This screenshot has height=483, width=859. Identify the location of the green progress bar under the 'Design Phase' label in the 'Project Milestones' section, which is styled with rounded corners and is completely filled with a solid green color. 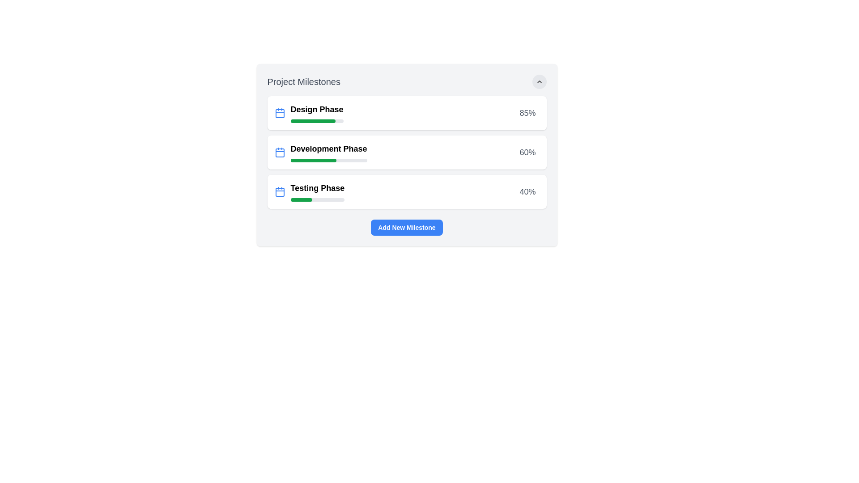
(313, 121).